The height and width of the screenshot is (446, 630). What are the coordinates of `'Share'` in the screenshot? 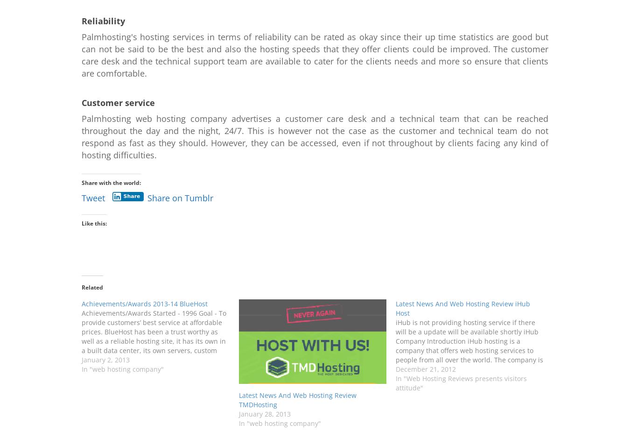 It's located at (131, 196).